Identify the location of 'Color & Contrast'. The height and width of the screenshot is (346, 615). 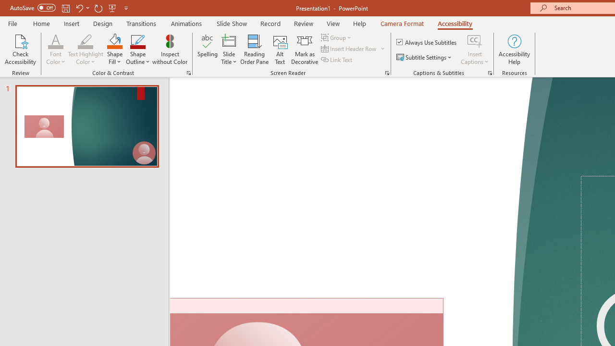
(188, 72).